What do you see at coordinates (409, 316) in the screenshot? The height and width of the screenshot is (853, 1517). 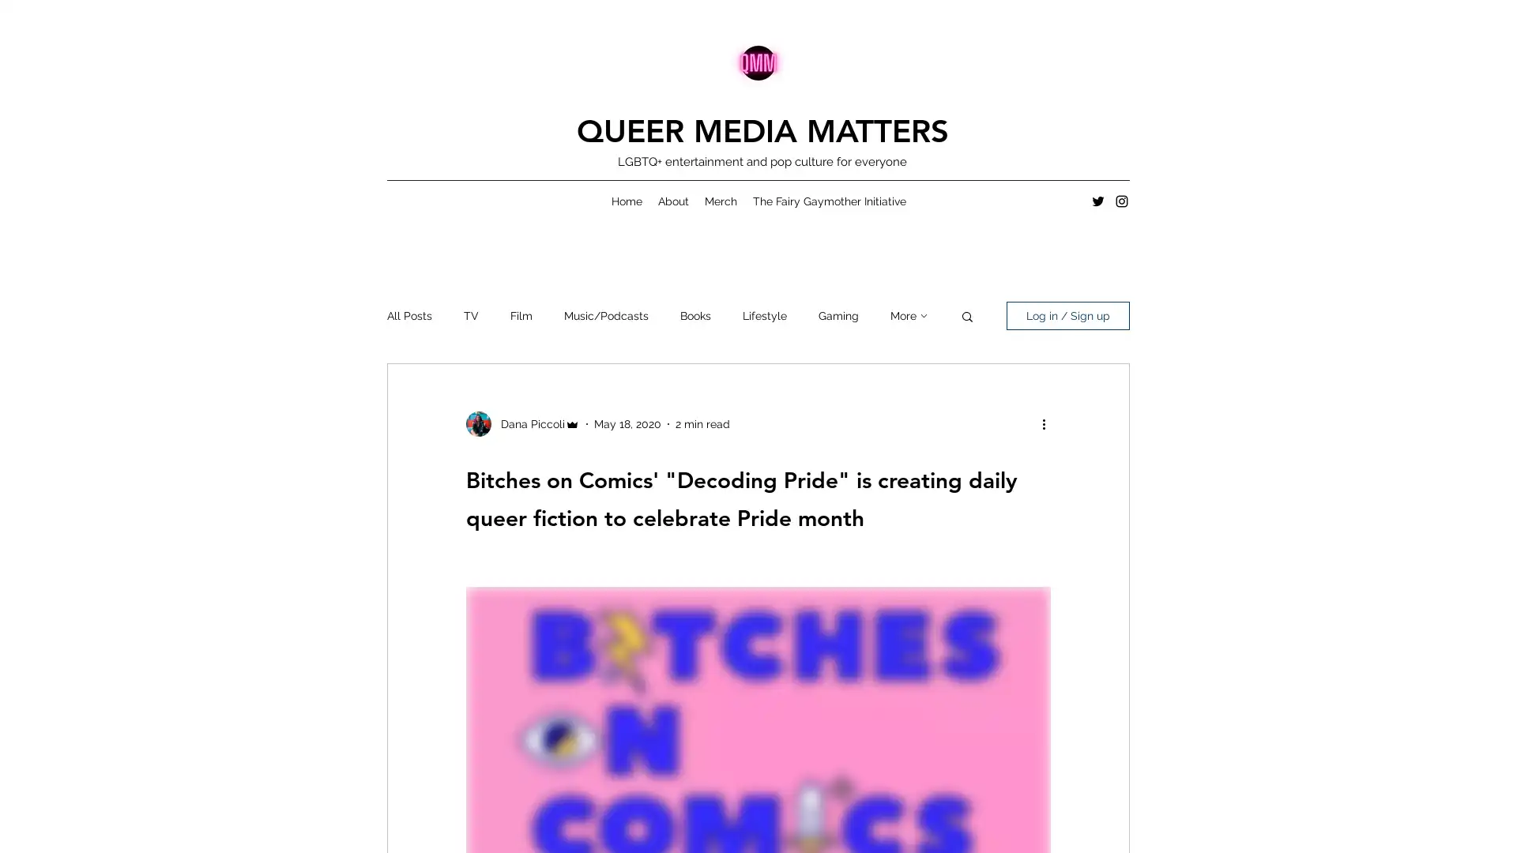 I see `All Posts` at bounding box center [409, 316].